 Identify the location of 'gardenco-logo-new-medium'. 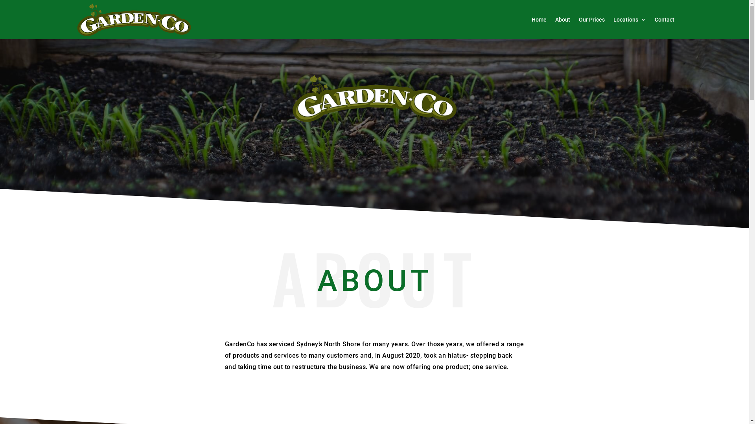
(374, 98).